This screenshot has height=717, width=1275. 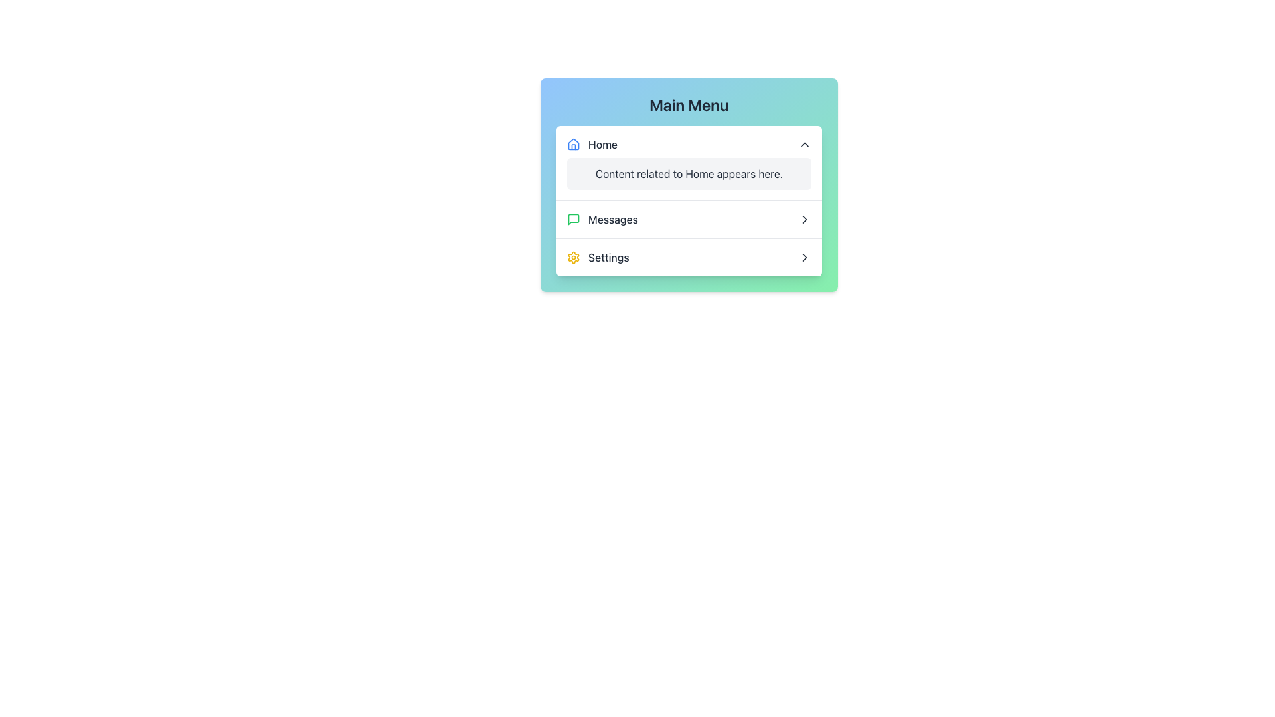 What do you see at coordinates (689, 258) in the screenshot?
I see `the navigation option for accessing settings, which is the third item in the vertical list under the 'Main Menu'` at bounding box center [689, 258].